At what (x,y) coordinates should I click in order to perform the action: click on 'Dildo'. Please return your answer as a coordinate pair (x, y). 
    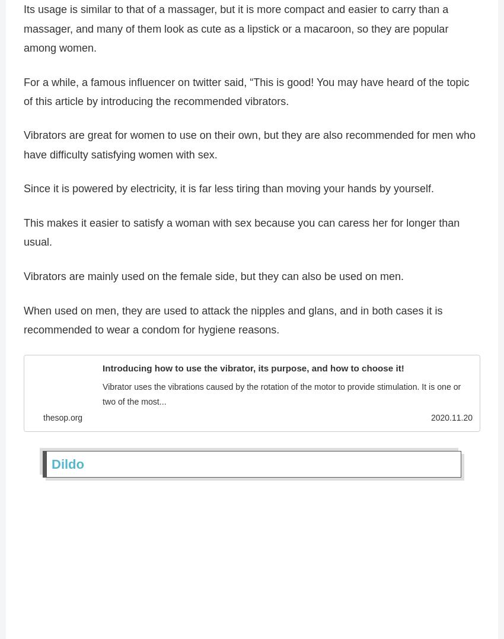
    Looking at the image, I should click on (67, 468).